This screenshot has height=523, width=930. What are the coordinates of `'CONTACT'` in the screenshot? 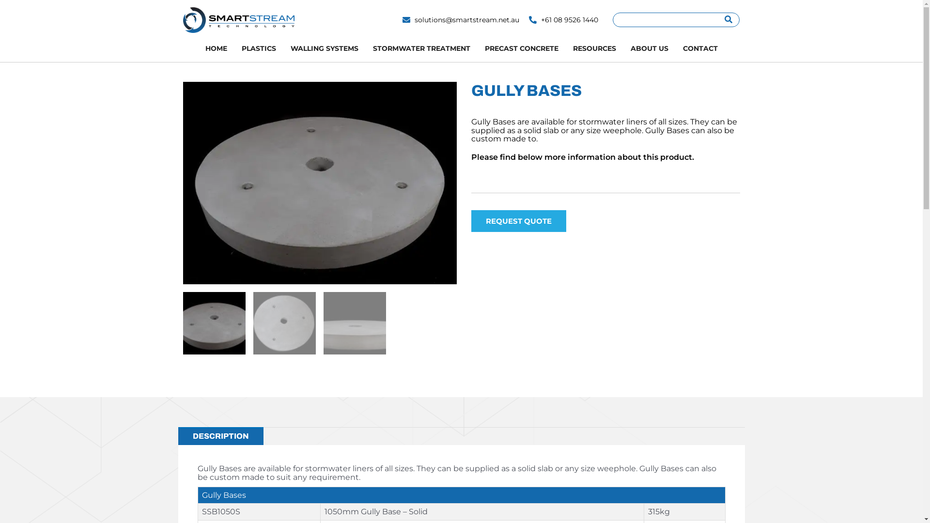 It's located at (674, 48).